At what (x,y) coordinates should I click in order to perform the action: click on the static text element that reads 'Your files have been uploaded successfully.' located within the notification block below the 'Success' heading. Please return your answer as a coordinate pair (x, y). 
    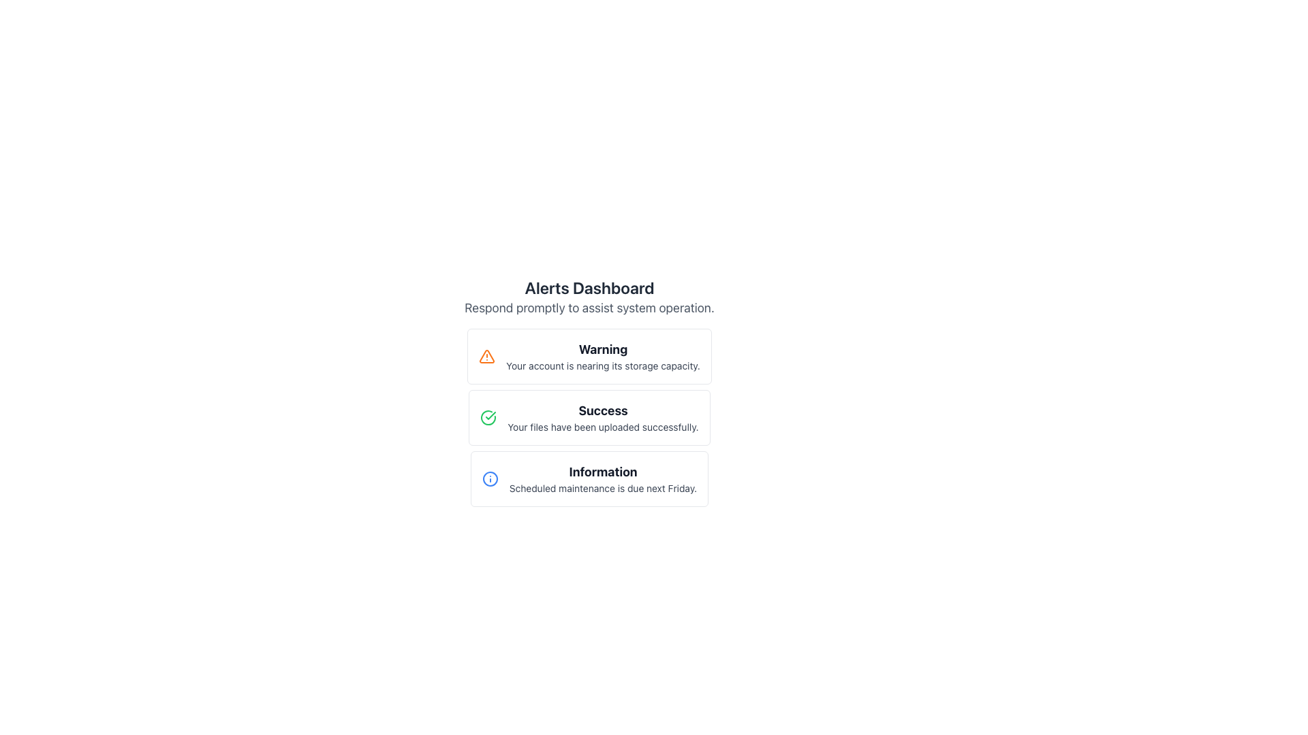
    Looking at the image, I should click on (602, 427).